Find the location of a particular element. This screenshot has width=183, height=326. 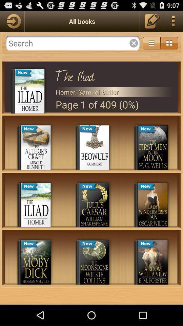

the arrow_forward icon is located at coordinates (12, 23).